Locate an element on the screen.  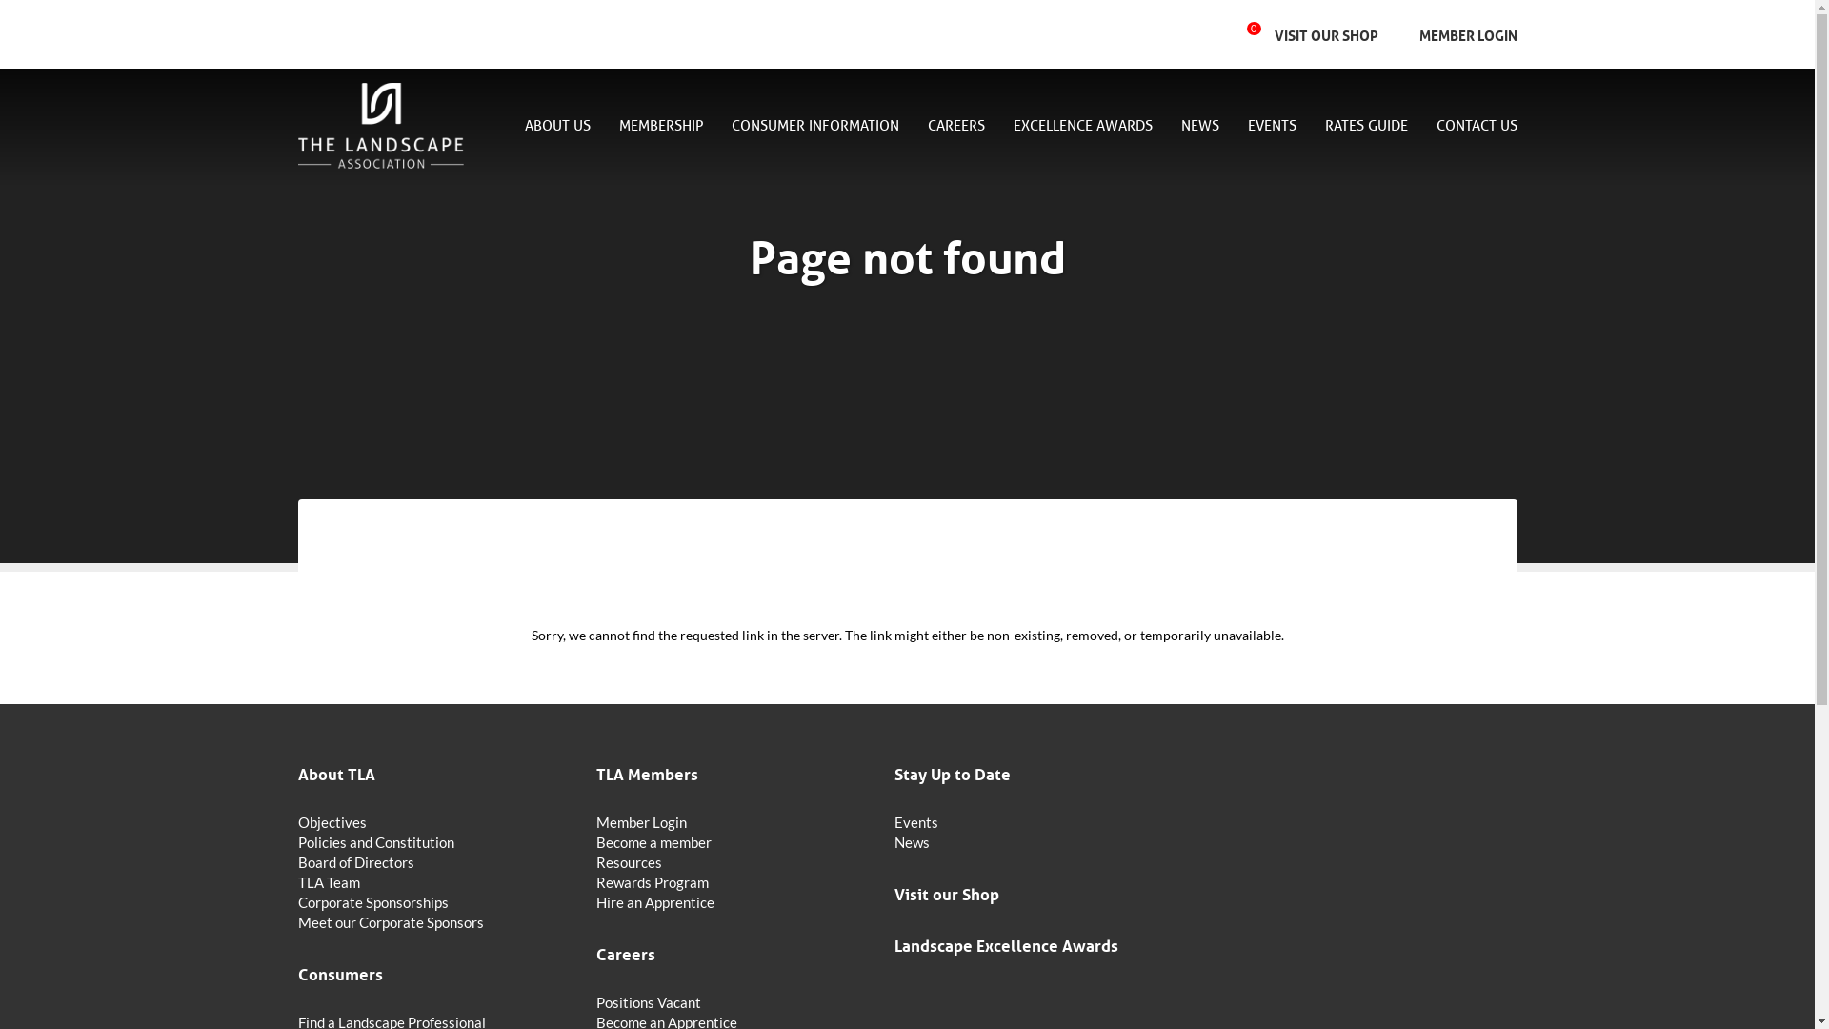
'Corporate Sponsorships' is located at coordinates (433, 901).